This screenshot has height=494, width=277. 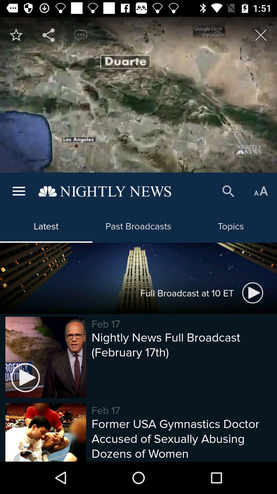 I want to click on message icon at top left, so click(x=81, y=35).